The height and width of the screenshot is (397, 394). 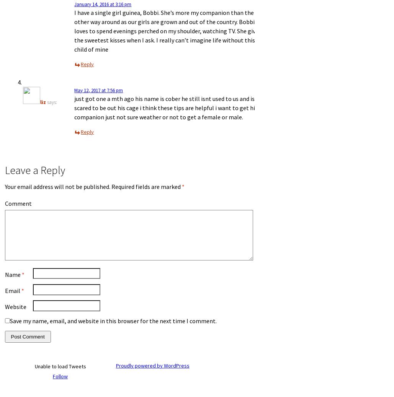 What do you see at coordinates (5, 290) in the screenshot?
I see `'Email'` at bounding box center [5, 290].